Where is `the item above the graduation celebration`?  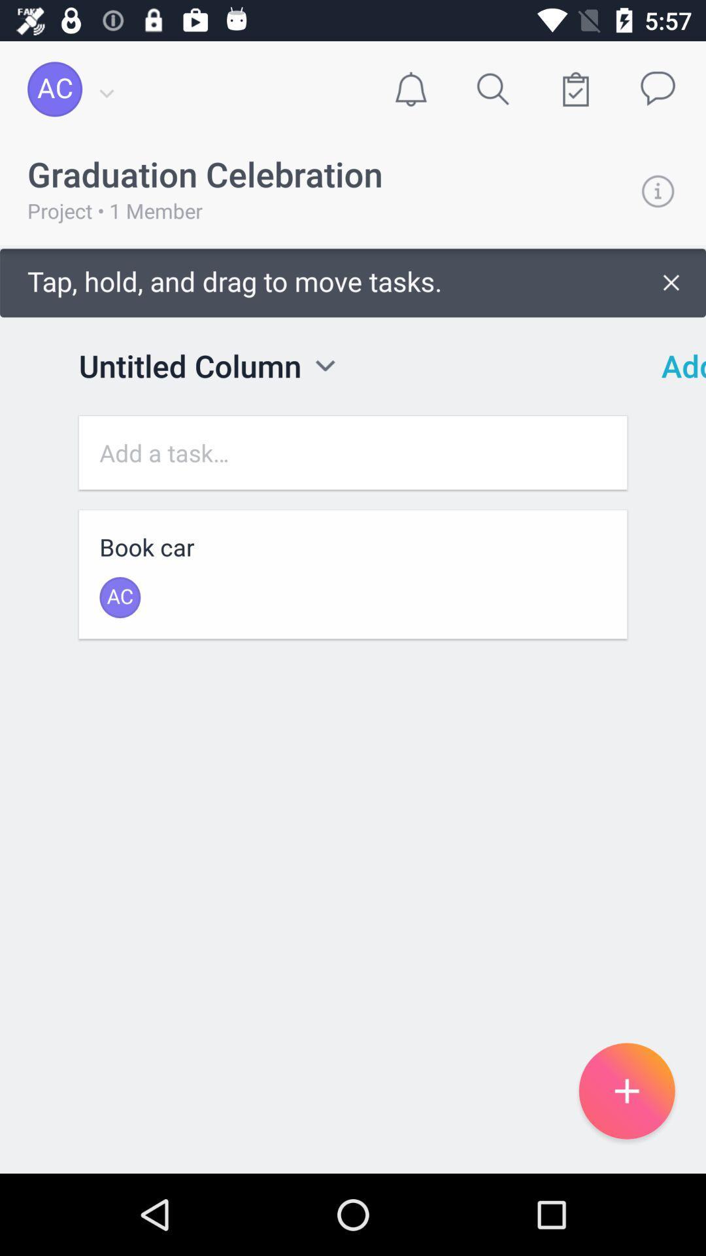
the item above the graduation celebration is located at coordinates (410, 88).